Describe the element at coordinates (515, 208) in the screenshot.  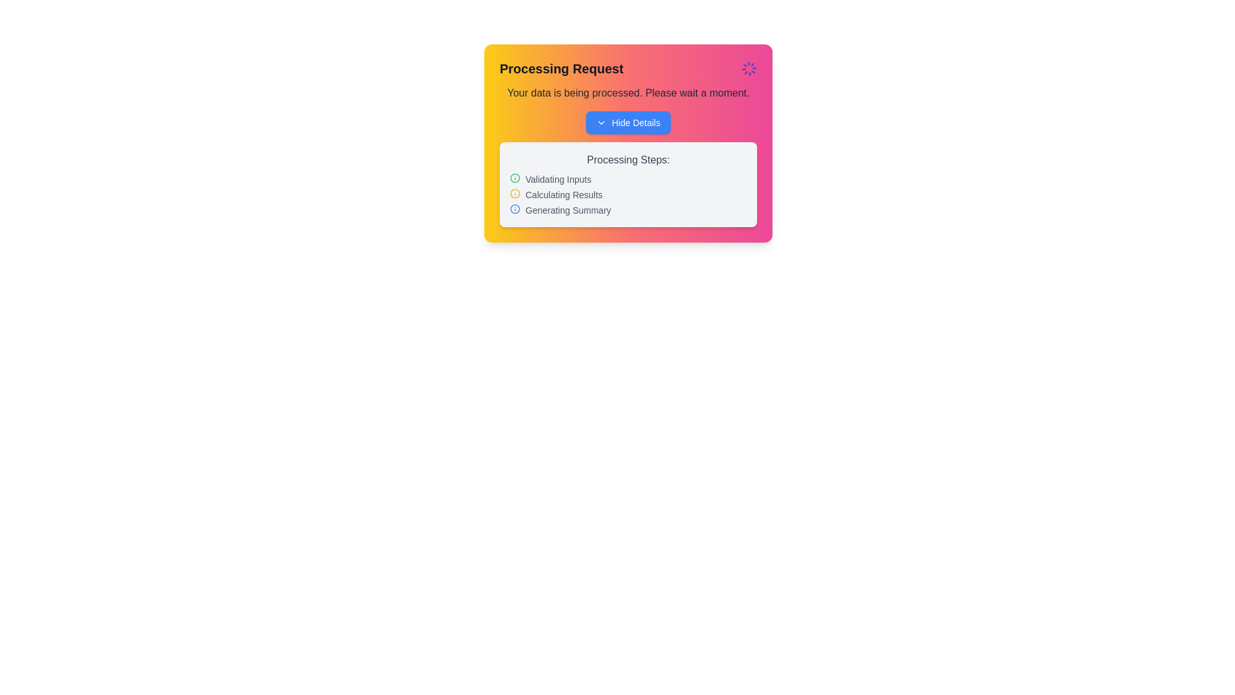
I see `the SVG-based icon indicating the 'Generating Summary' step, which is the third element in the list inside a white box on a colored card` at that location.